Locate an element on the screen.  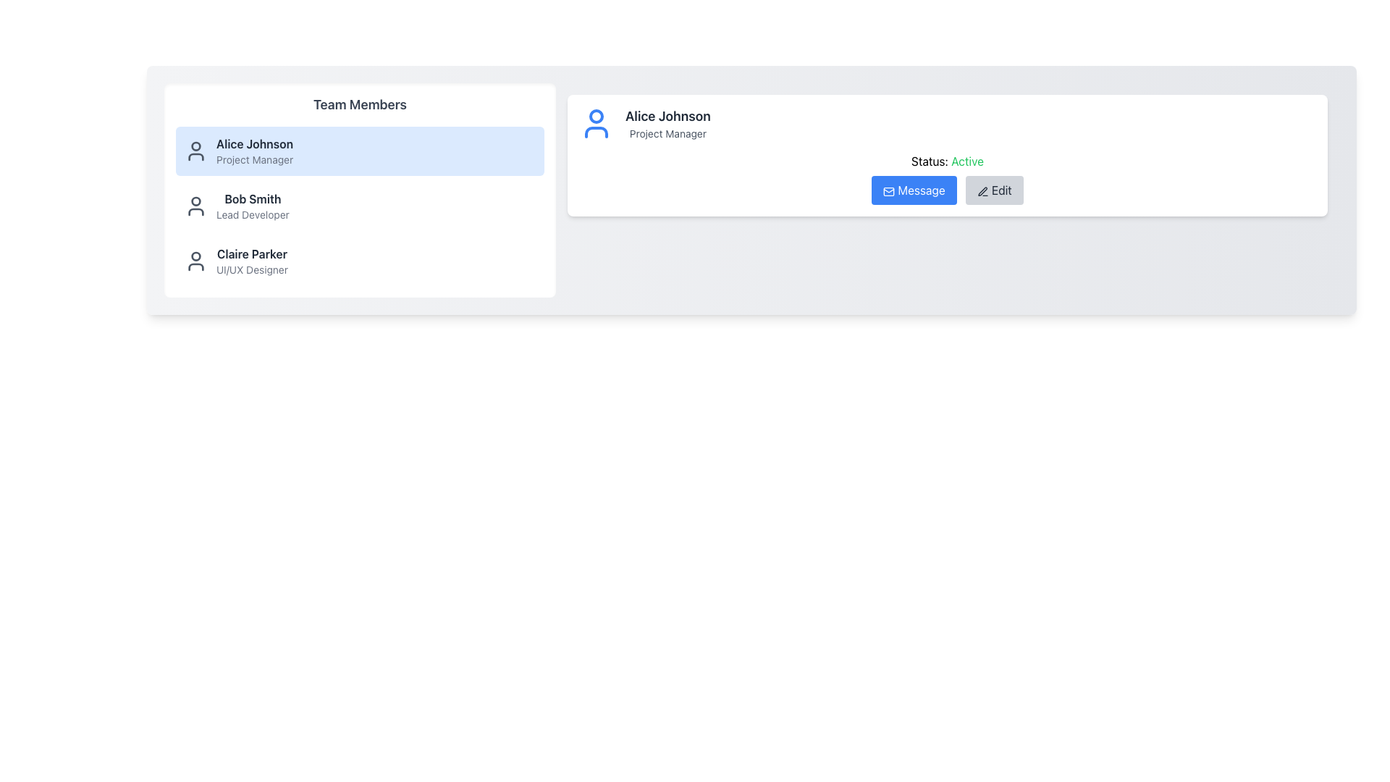
the text label displaying 'UI/UX Designer' located below 'Claire Parker' in the 'Team Members' panel is located at coordinates (252, 270).